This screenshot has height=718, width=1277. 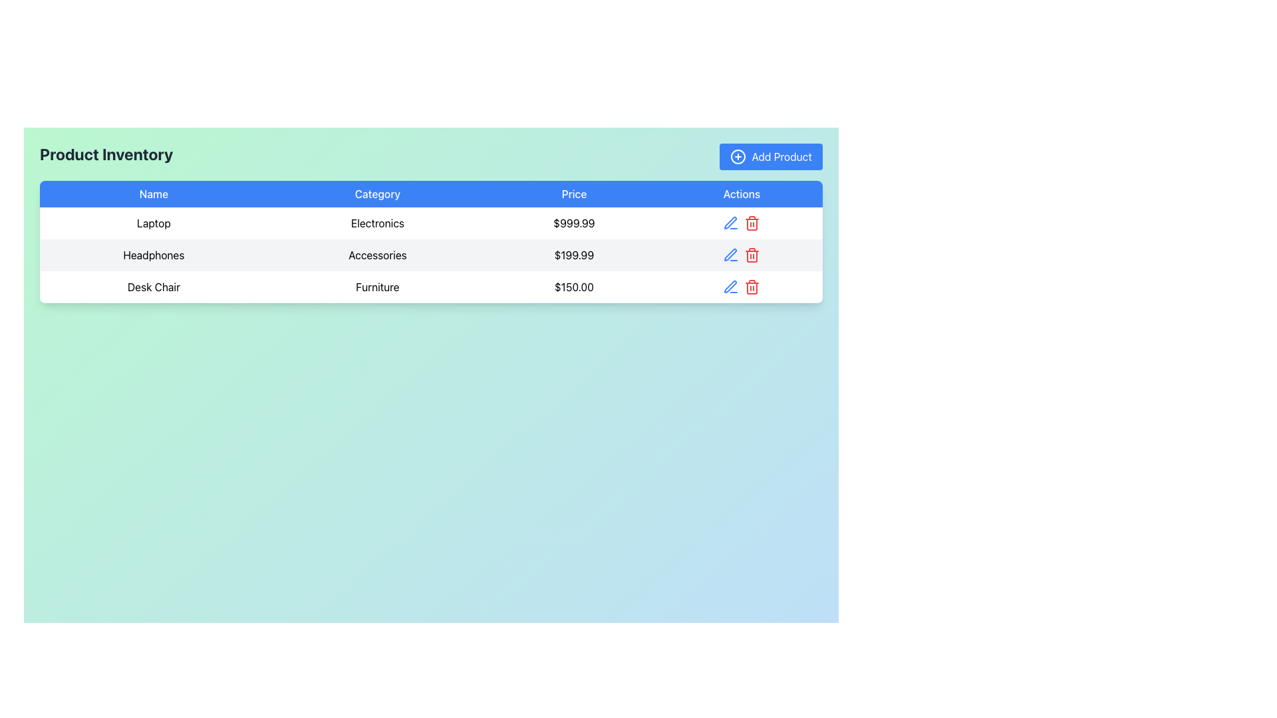 I want to click on the text label displaying the price '$150.00' for the Desk Chair in the third row of the table under the 'Price' column, so click(x=574, y=287).